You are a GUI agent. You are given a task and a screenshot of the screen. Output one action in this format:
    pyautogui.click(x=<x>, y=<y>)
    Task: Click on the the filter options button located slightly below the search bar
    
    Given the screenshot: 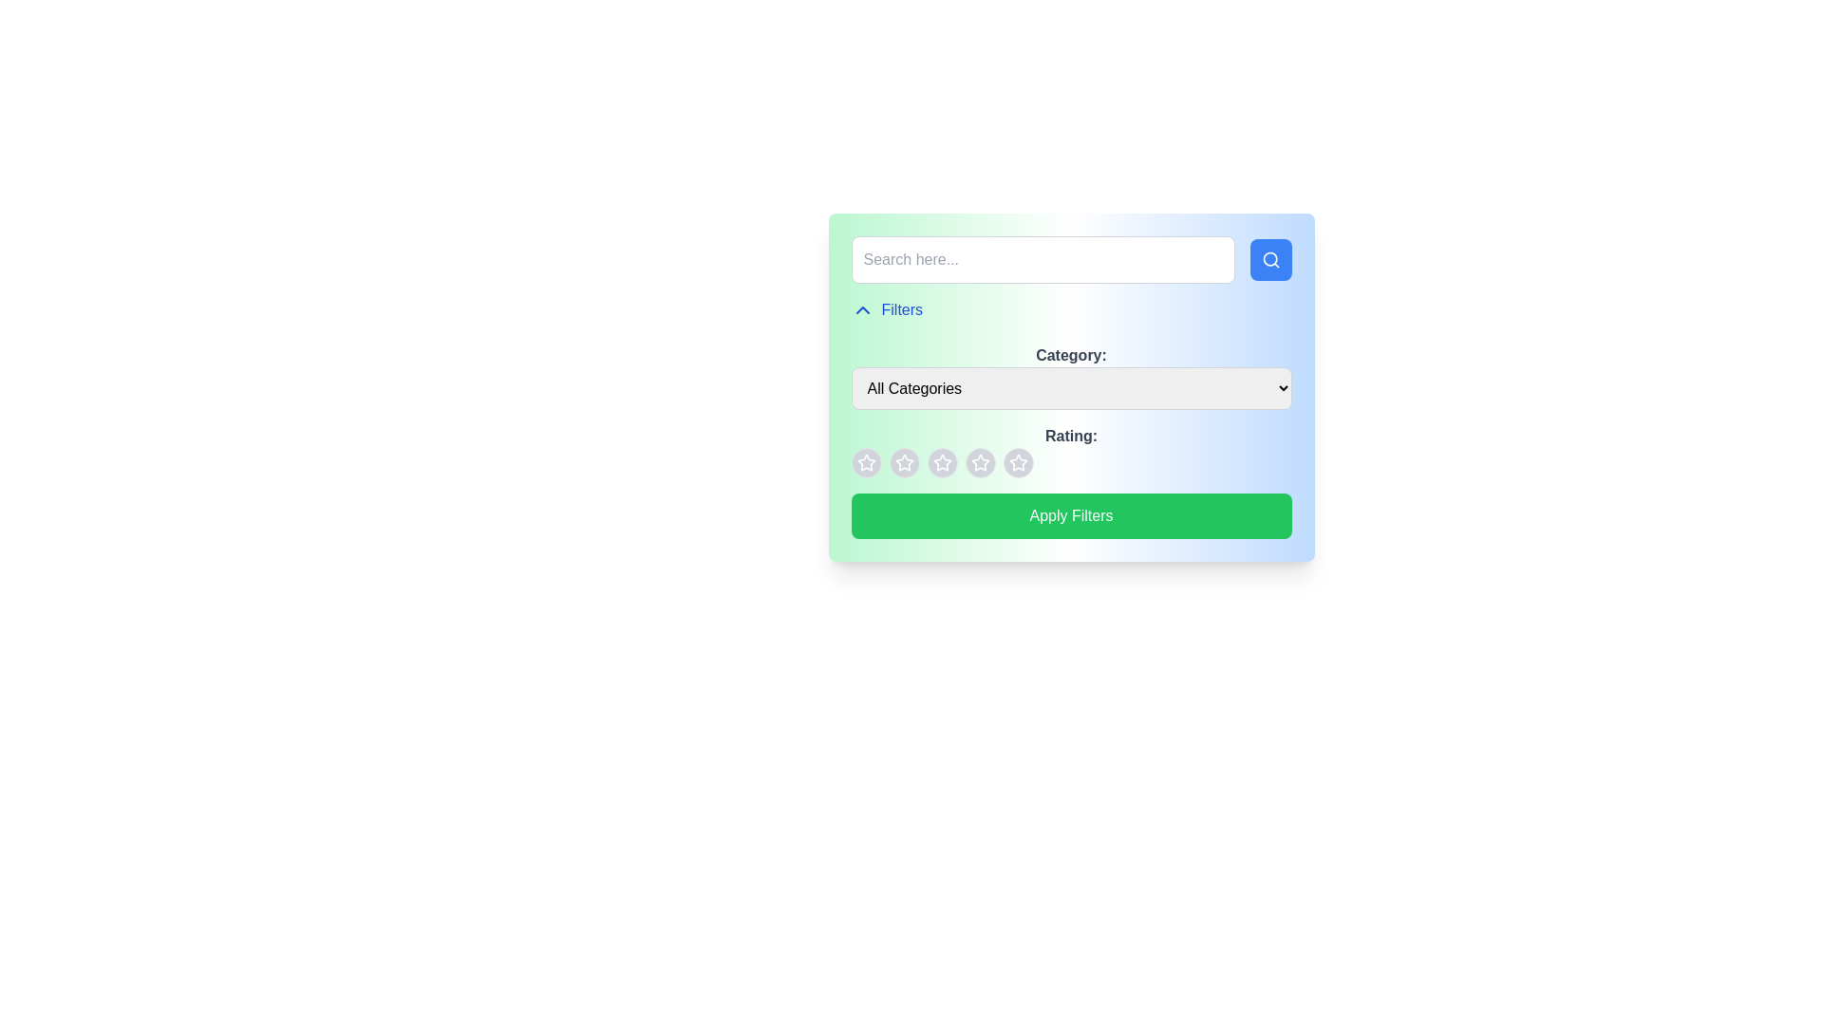 What is the action you would take?
    pyautogui.click(x=886, y=309)
    